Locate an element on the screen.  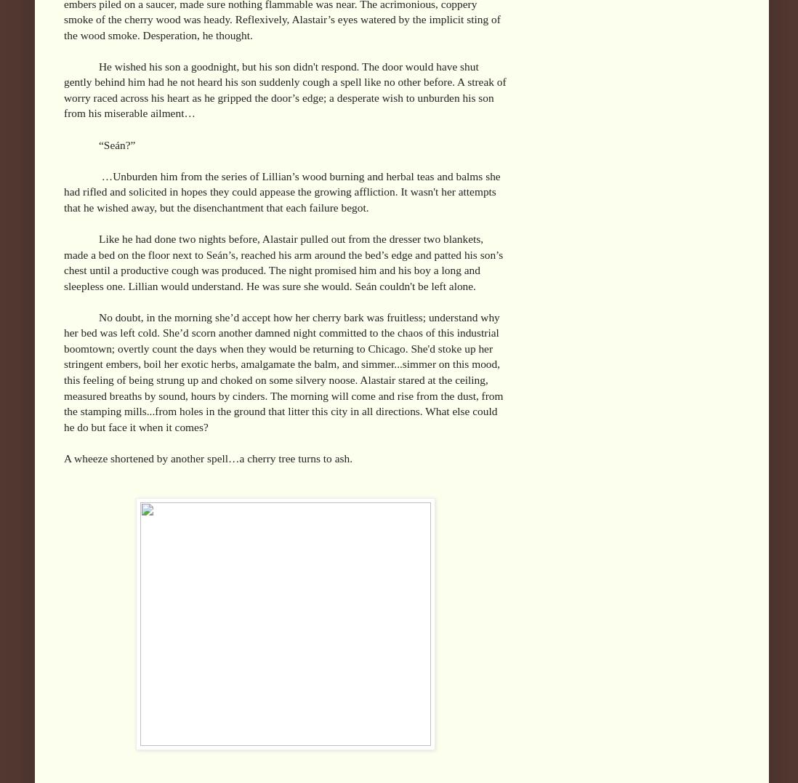
'o doubt, i' is located at coordinates (128, 316).